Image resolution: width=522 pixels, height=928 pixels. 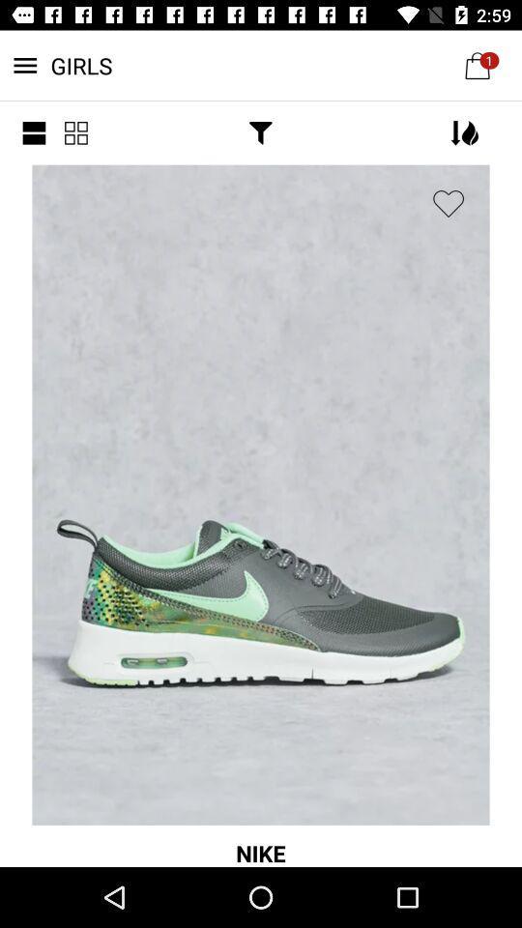 What do you see at coordinates (74, 131) in the screenshot?
I see `the item below girls` at bounding box center [74, 131].